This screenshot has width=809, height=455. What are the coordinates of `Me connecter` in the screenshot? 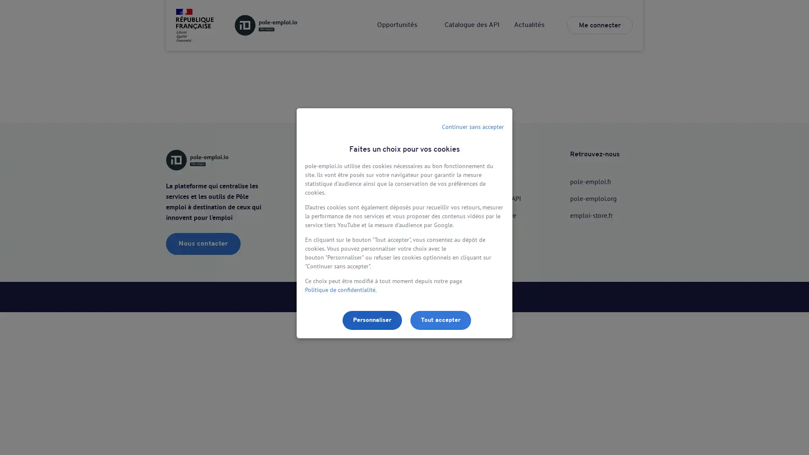 It's located at (599, 25).